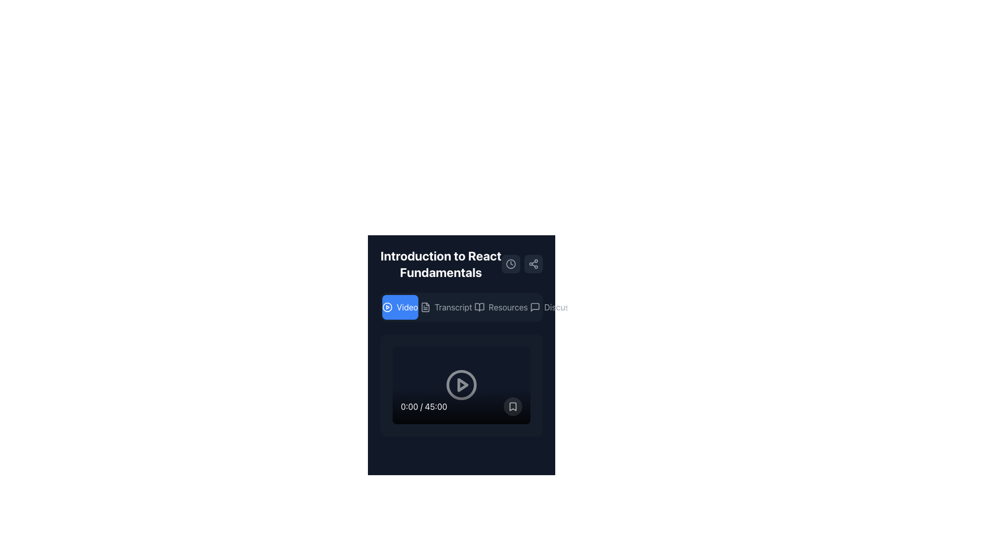  Describe the element at coordinates (511, 264) in the screenshot. I see `the clock icon located in the top-right corner of the 'Introduction to React Fundamentals' card section to navigate its options` at that location.